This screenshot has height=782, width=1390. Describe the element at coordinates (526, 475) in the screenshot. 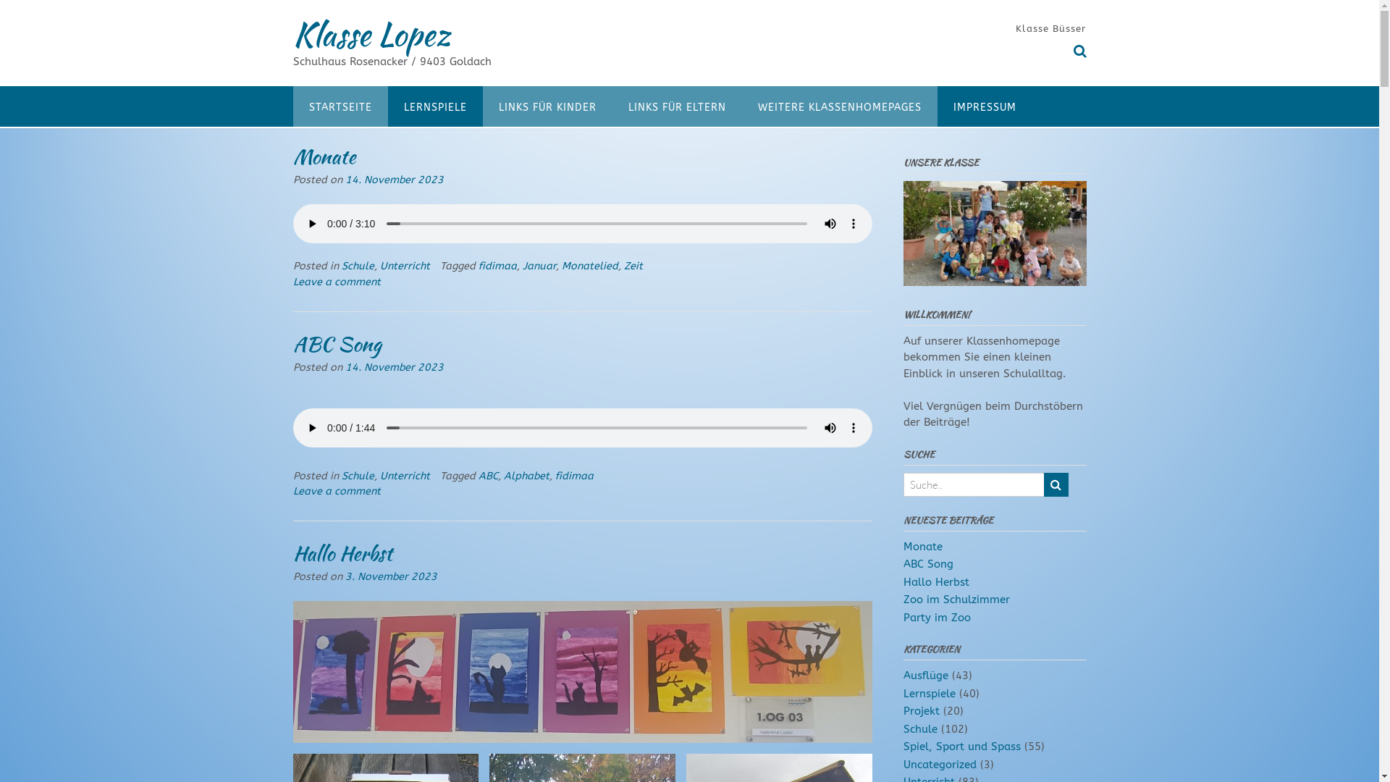

I see `'Alphabet'` at that location.